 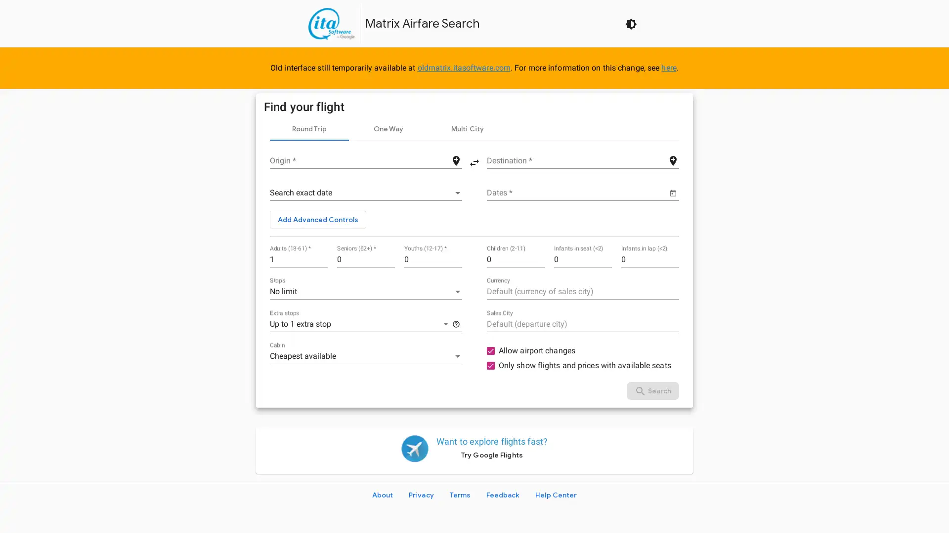 I want to click on toggle light/dark theme, so click(x=630, y=23).